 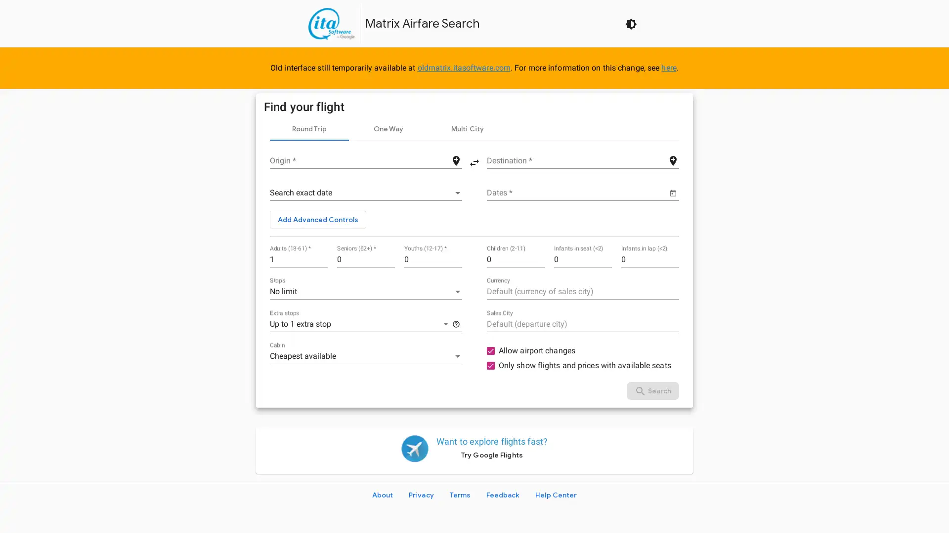 I want to click on toggle light/dark theme, so click(x=630, y=23).